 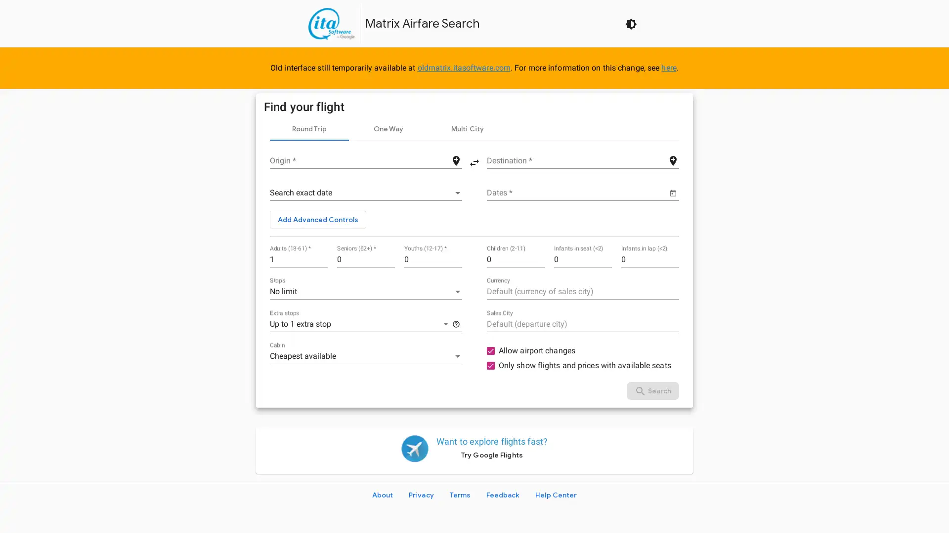 I want to click on toggle light/dark theme, so click(x=630, y=23).